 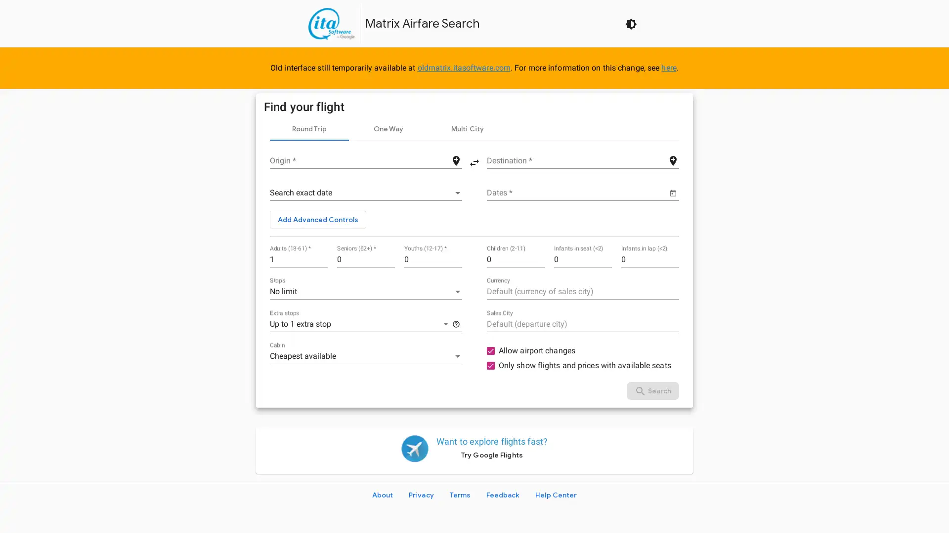 I want to click on toggle light/dark theme, so click(x=630, y=23).